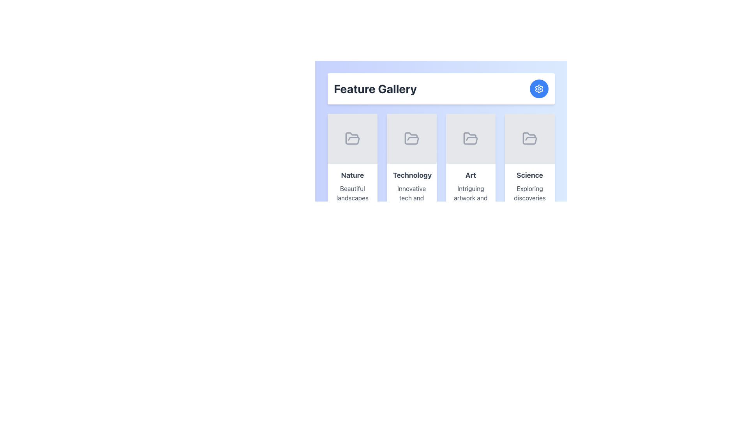  What do you see at coordinates (538, 88) in the screenshot?
I see `the gear-shaped icon in blue and red color scheme located in the top-right corner of the 'Feature Gallery' panel` at bounding box center [538, 88].